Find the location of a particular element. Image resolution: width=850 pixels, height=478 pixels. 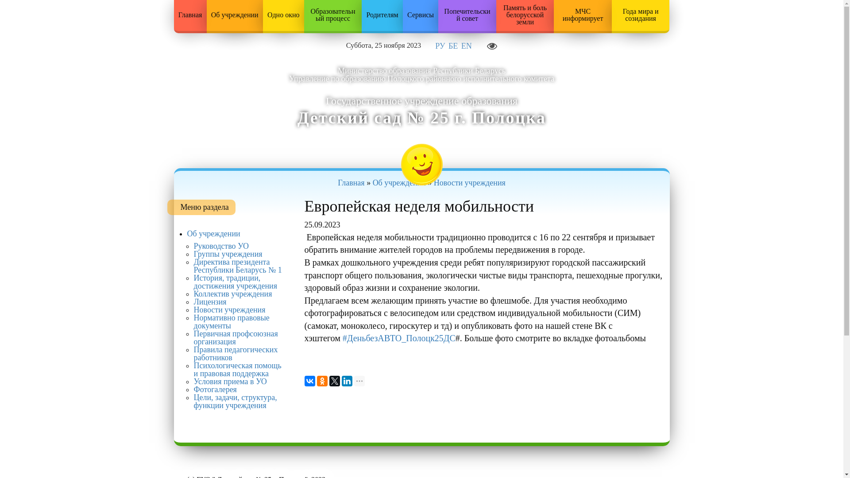

'Twitter' is located at coordinates (334, 380).